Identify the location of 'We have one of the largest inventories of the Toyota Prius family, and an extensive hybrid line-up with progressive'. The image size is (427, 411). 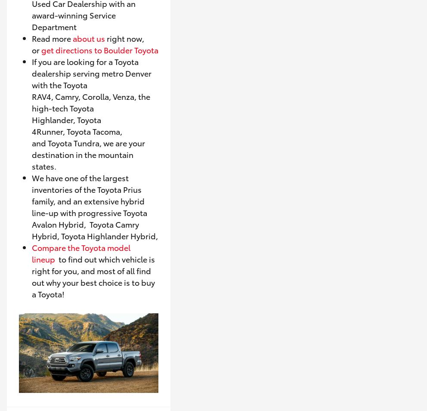
(88, 194).